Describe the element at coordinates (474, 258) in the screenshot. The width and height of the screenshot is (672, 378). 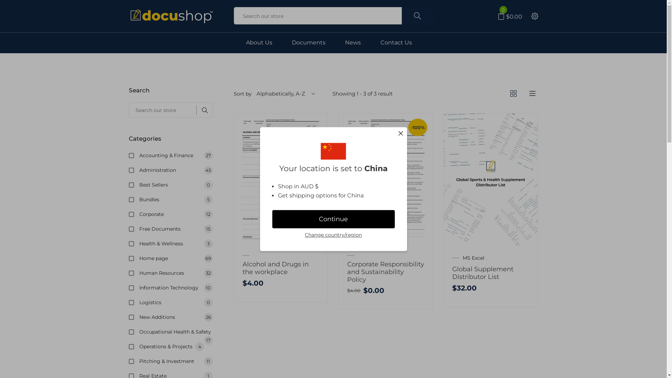
I see `'MS Excel'` at that location.